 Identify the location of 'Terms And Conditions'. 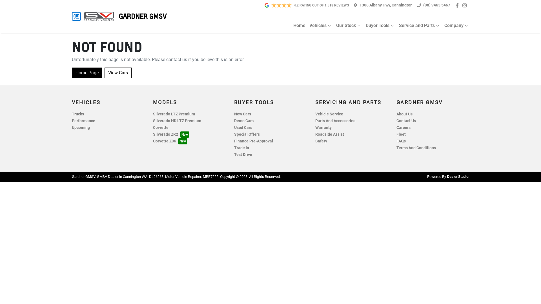
(416, 147).